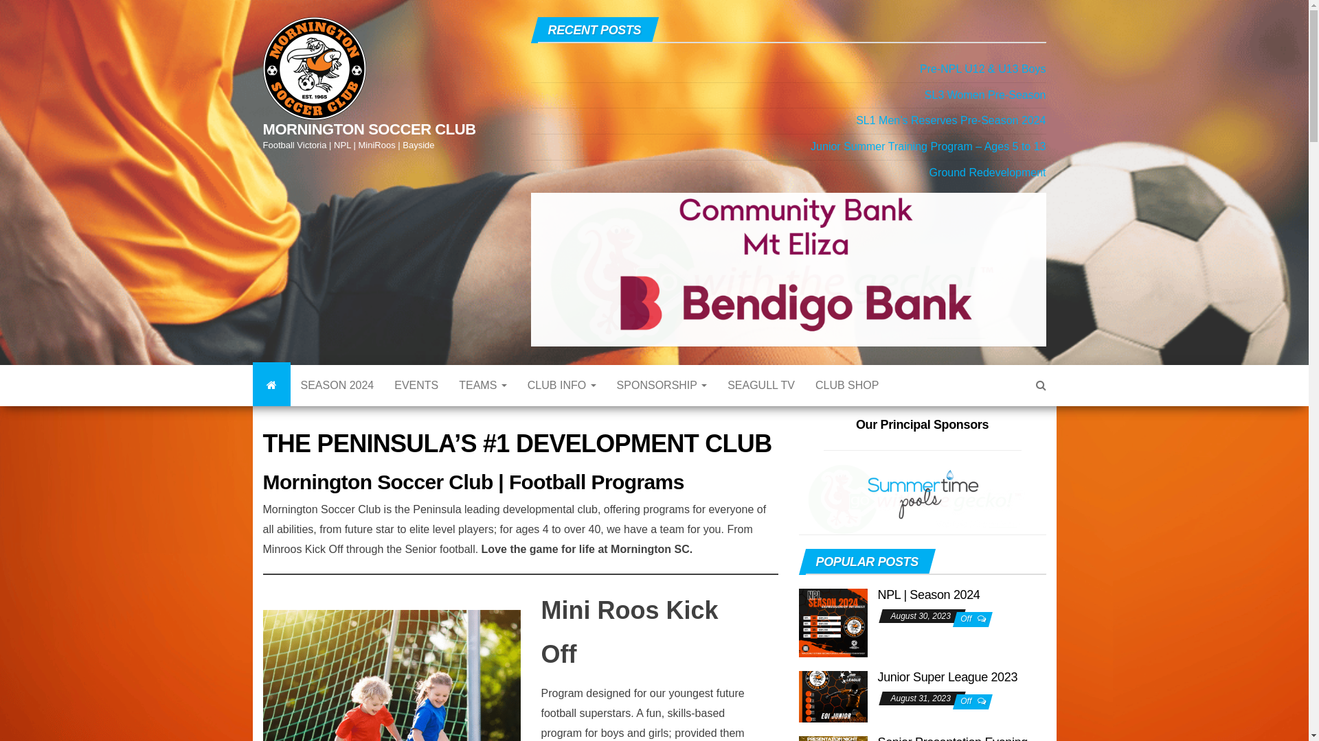 This screenshot has height=741, width=1319. I want to click on 'EVENTS', so click(383, 404).